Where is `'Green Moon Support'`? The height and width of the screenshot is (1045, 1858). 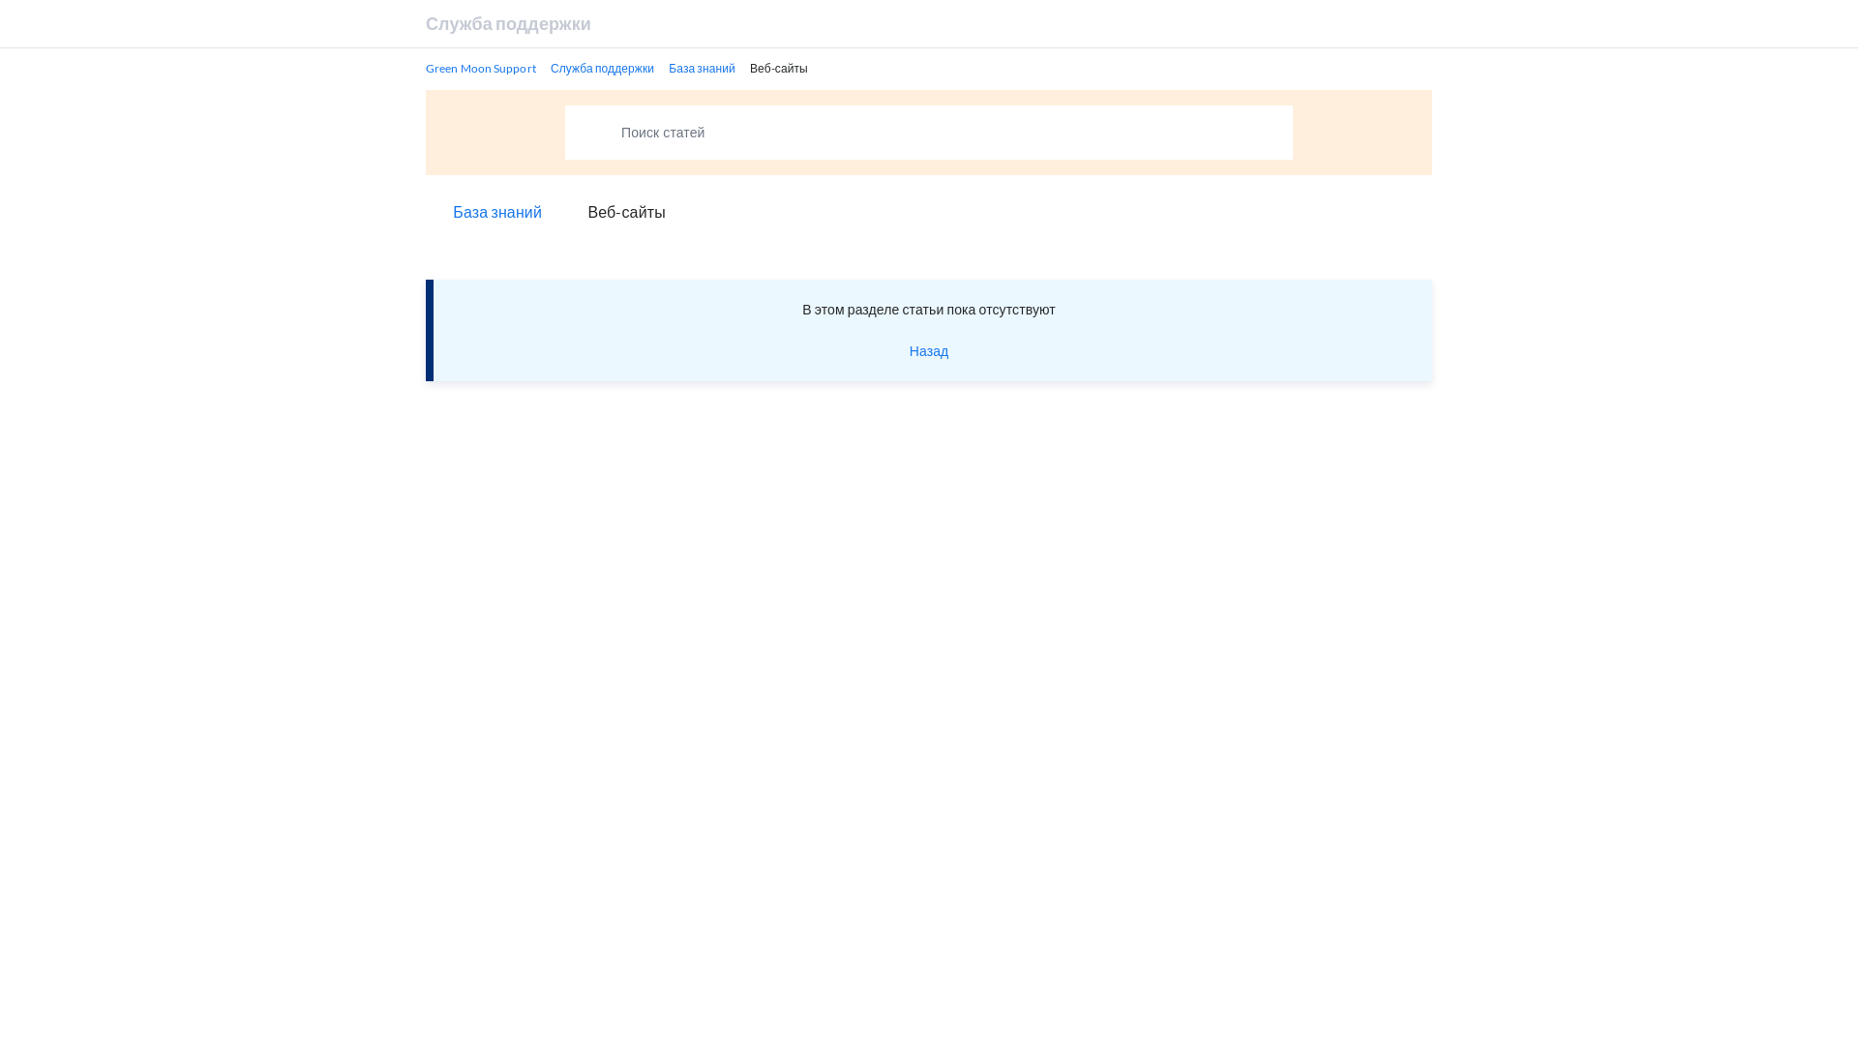
'Green Moon Support' is located at coordinates (481, 67).